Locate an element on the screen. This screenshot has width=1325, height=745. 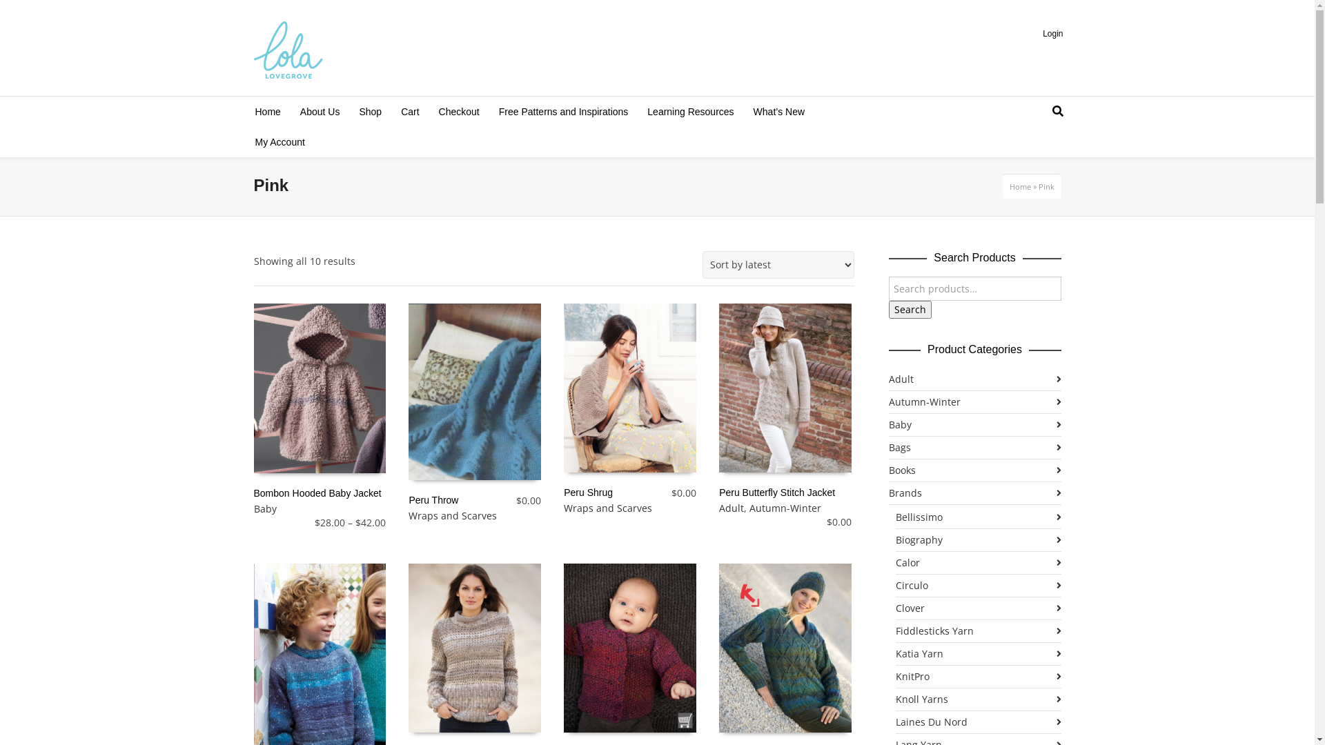
'Login' is located at coordinates (1056, 33).